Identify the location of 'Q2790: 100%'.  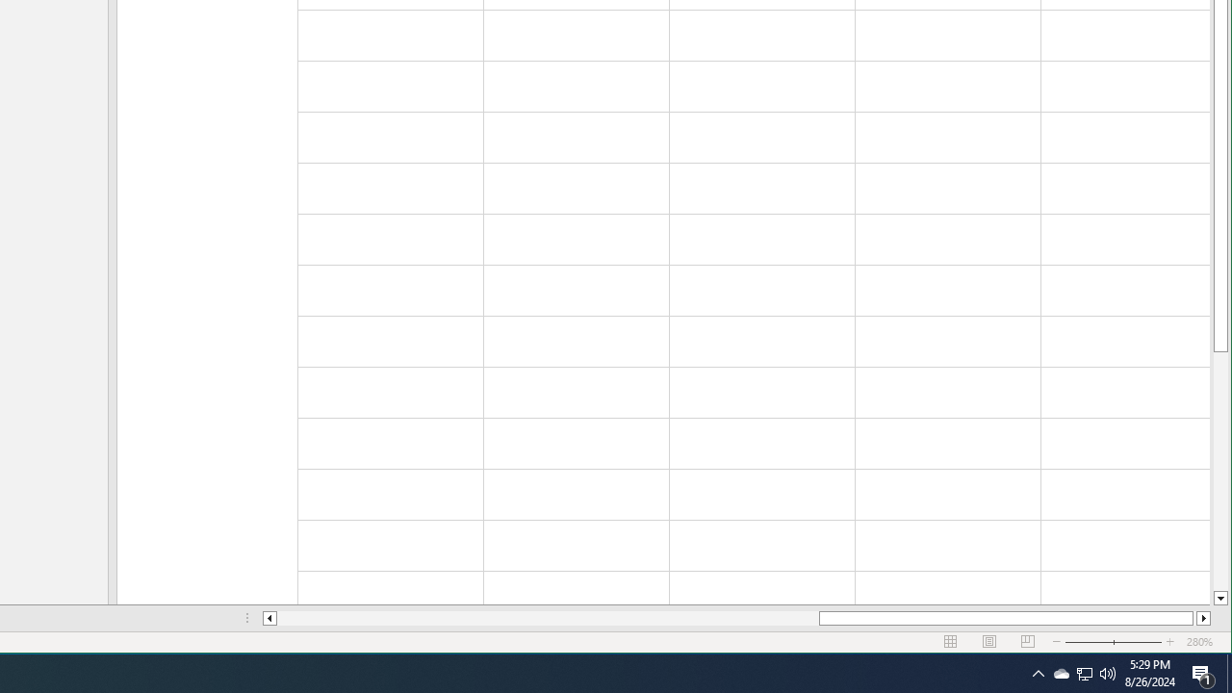
(1108, 672).